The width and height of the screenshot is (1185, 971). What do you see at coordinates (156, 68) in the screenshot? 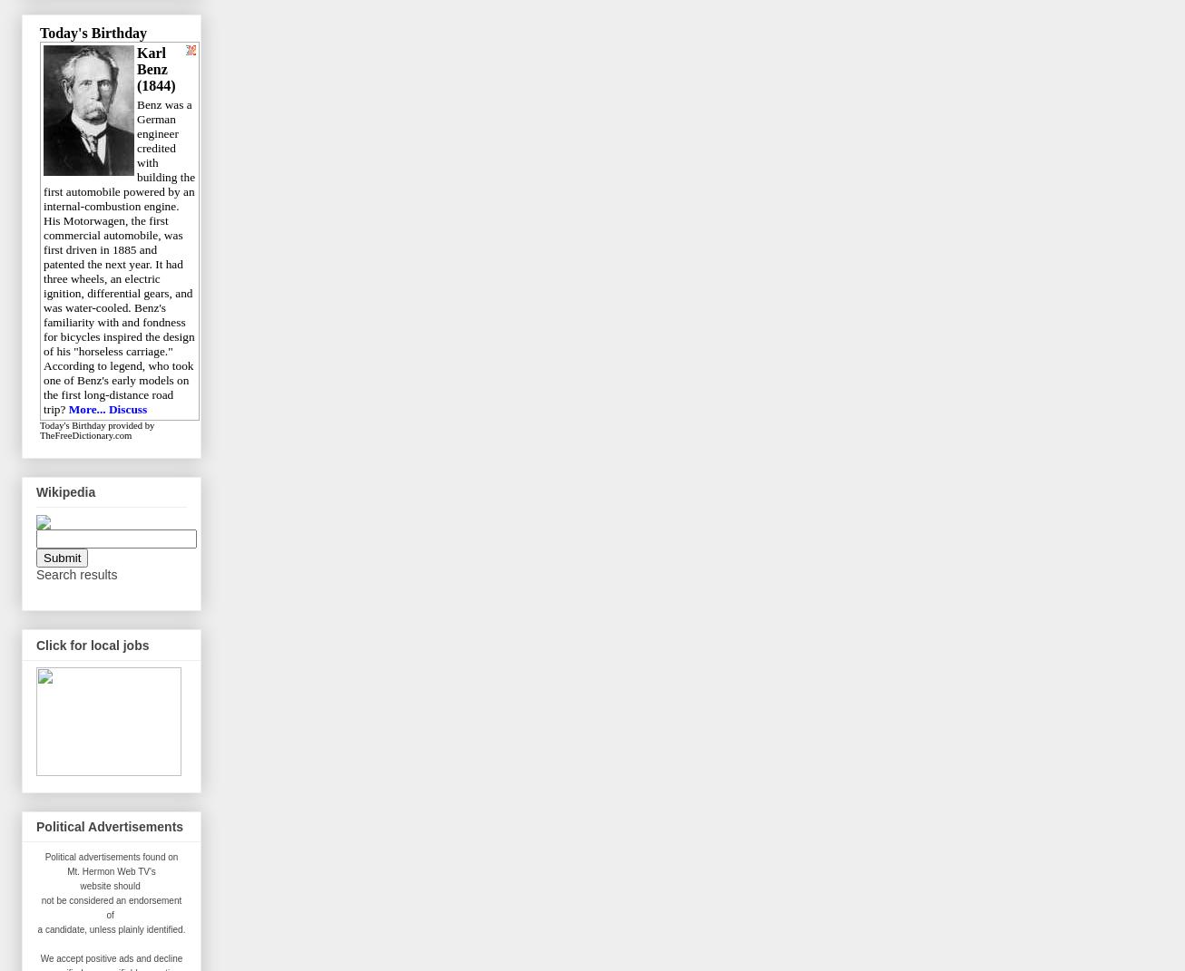
I see `'Karl Benz (1844)'` at bounding box center [156, 68].